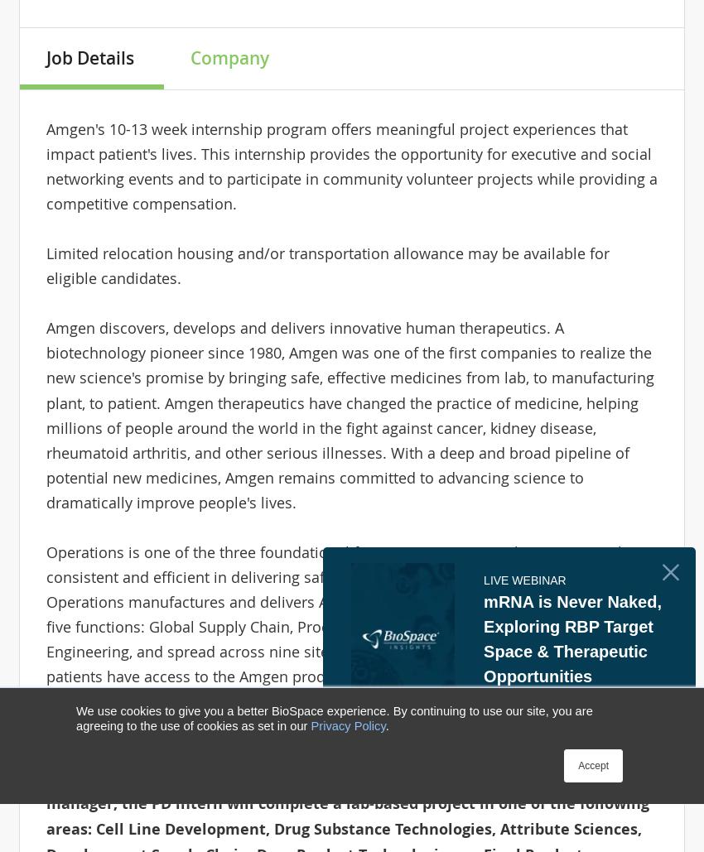  Describe the element at coordinates (592, 765) in the screenshot. I see `'Accept'` at that location.